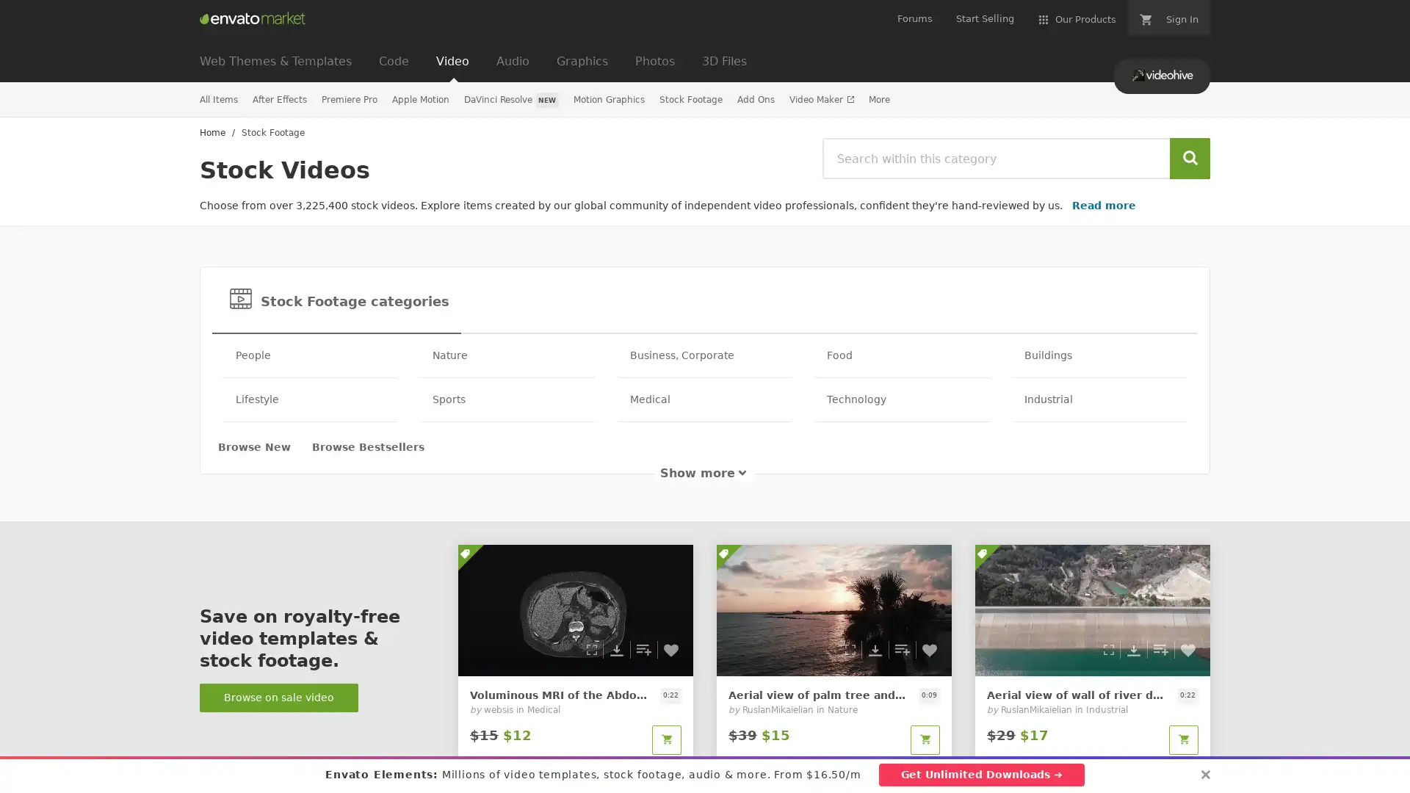 This screenshot has height=793, width=1410. Describe the element at coordinates (834, 610) in the screenshot. I see `0 Download preview Add to collection Add to Favorites` at that location.